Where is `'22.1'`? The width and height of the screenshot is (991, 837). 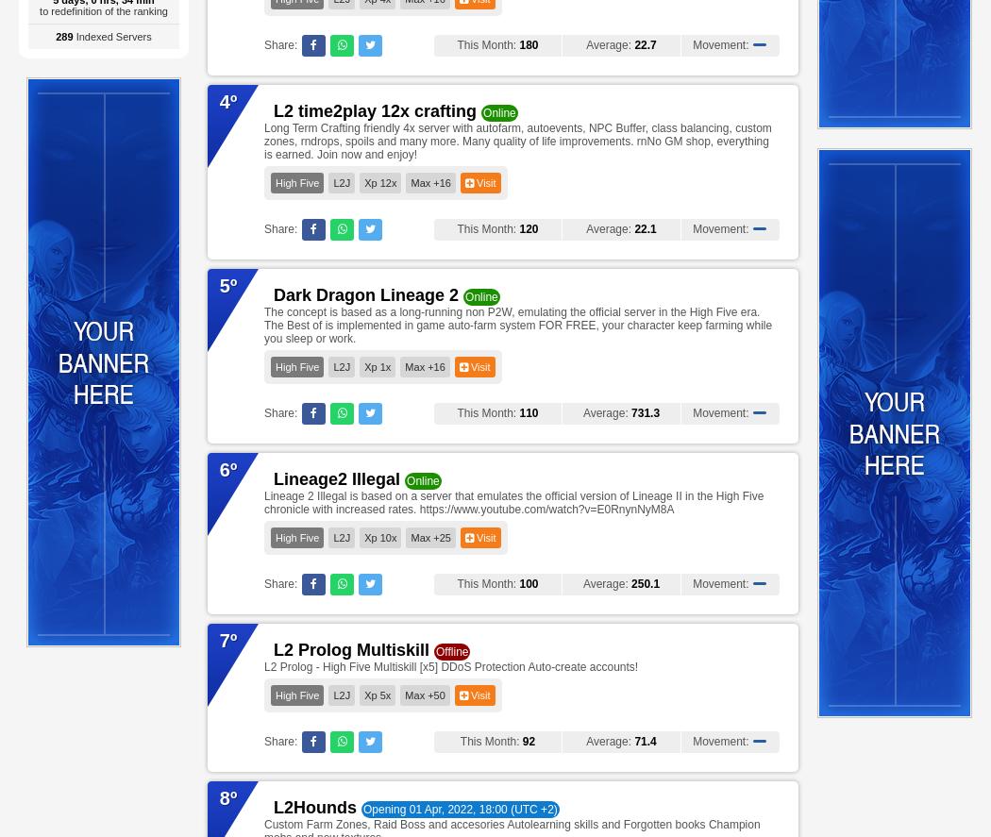 '22.1' is located at coordinates (633, 229).